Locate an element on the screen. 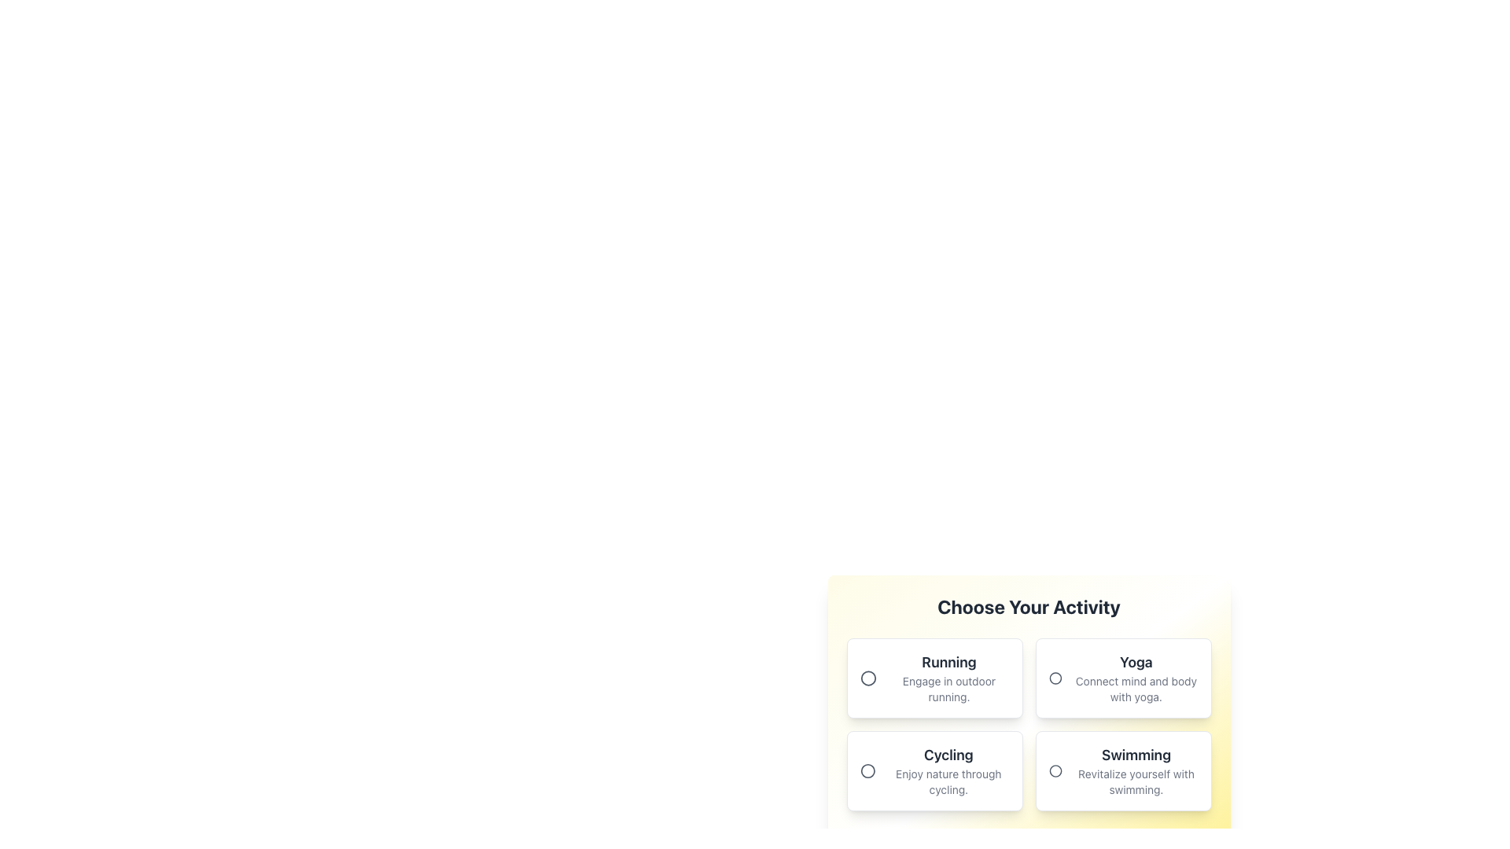 This screenshot has height=849, width=1510. the text label that identifies the activity 'Cycling' within the second card of the activity options grid, located below the title 'Choose Your Activity' is located at coordinates (948, 754).